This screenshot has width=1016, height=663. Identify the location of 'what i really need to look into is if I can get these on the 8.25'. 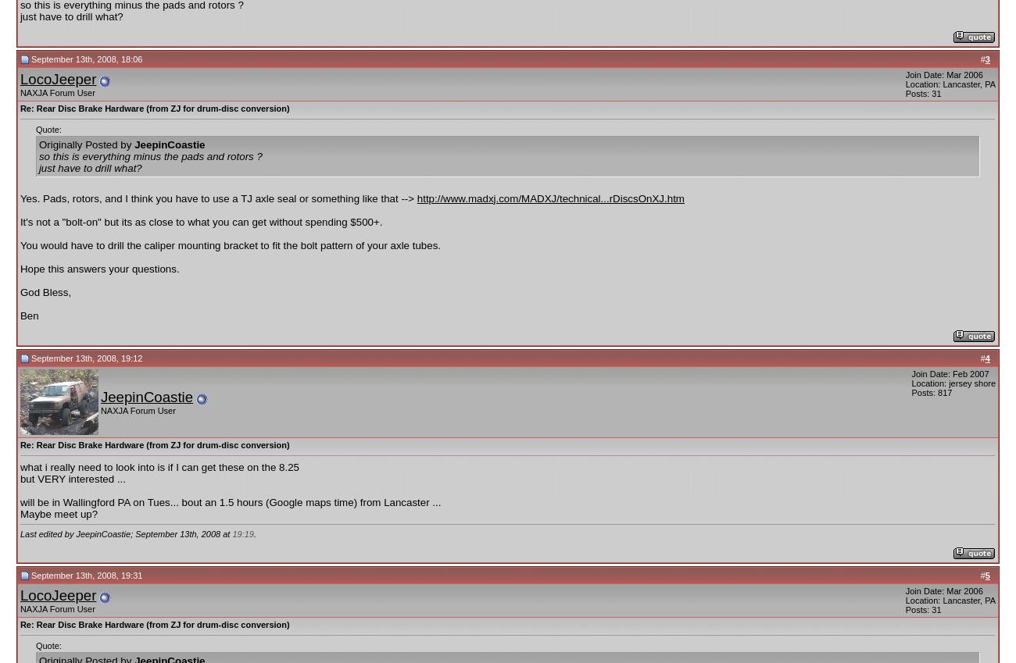
(159, 465).